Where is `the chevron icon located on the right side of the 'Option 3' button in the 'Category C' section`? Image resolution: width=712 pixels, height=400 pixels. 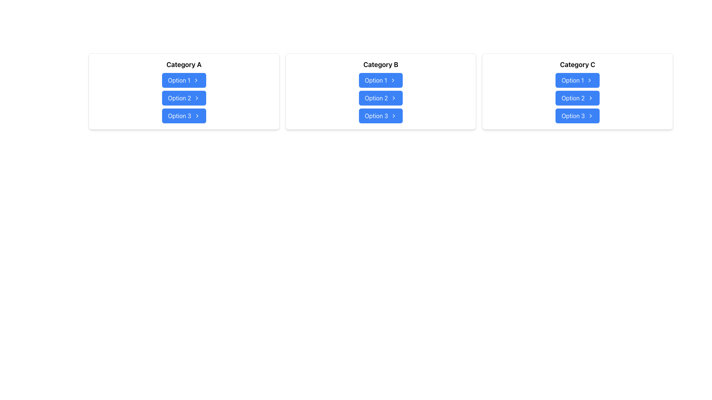
the chevron icon located on the right side of the 'Option 3' button in the 'Category C' section is located at coordinates (590, 116).